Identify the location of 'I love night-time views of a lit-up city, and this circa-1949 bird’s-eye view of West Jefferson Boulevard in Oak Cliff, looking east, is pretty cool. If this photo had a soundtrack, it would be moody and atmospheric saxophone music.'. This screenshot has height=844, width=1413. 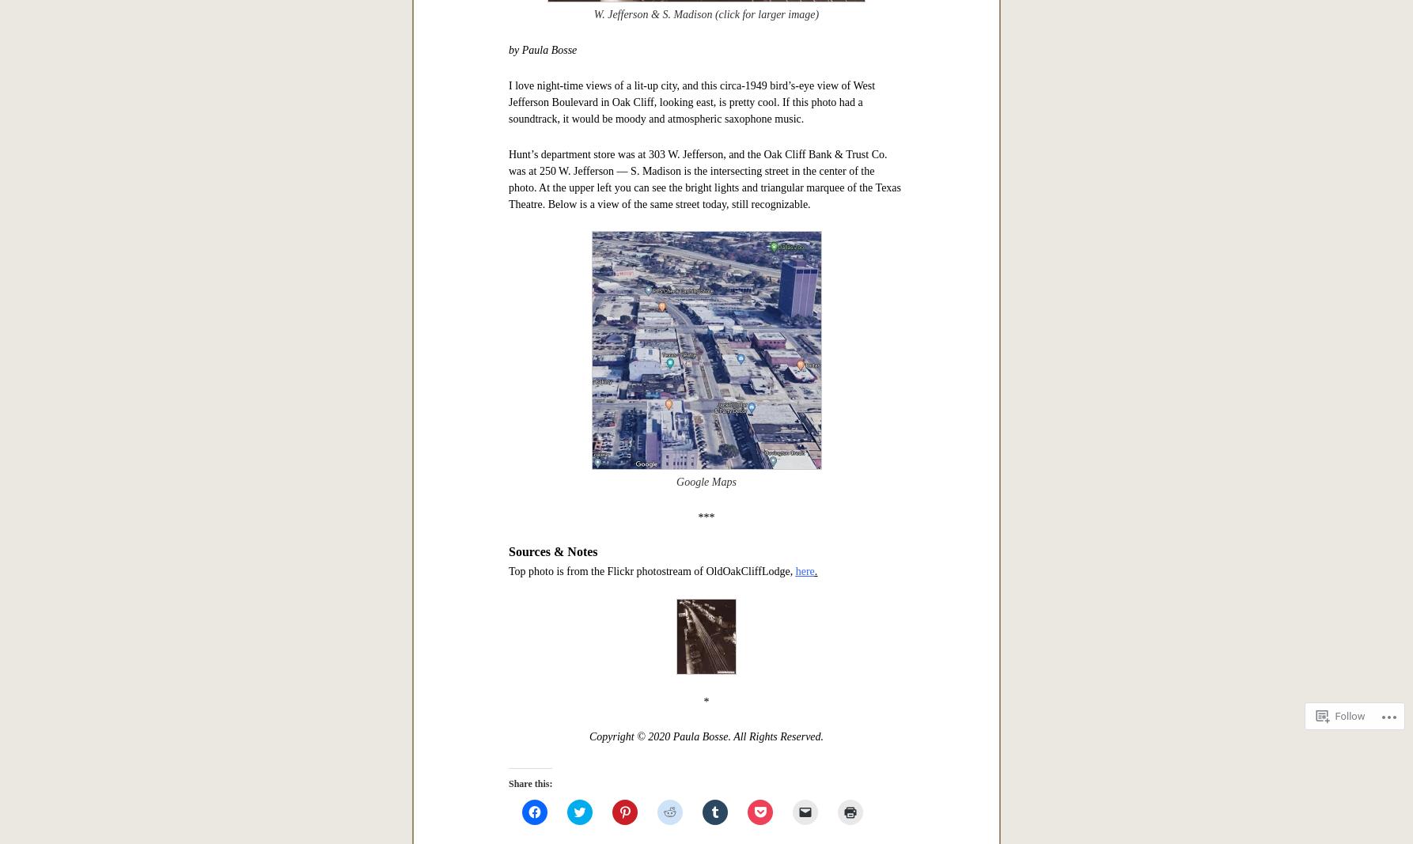
(691, 100).